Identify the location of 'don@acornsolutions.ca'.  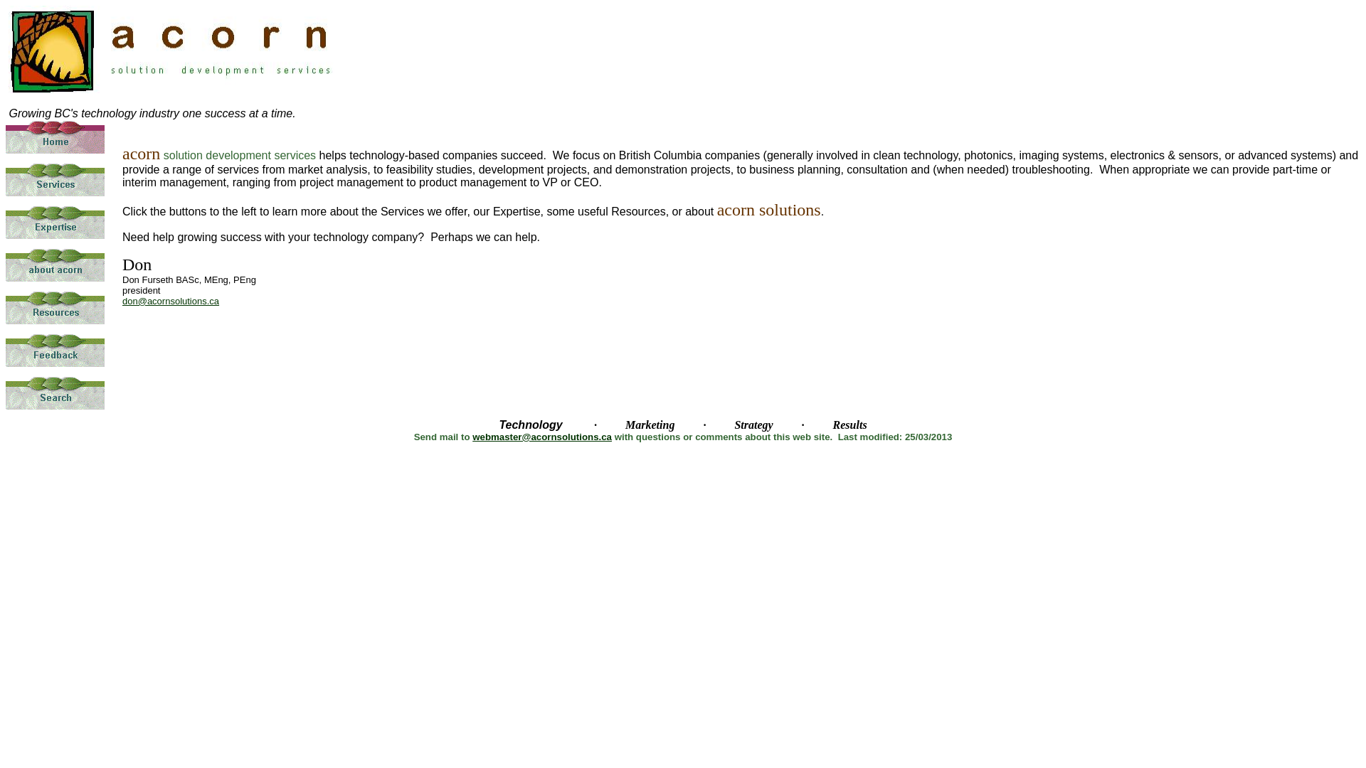
(171, 299).